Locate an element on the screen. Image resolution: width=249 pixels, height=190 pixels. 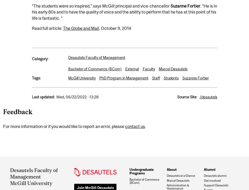
'For more information or if you would like to report an error, please' is located at coordinates (3, 126).